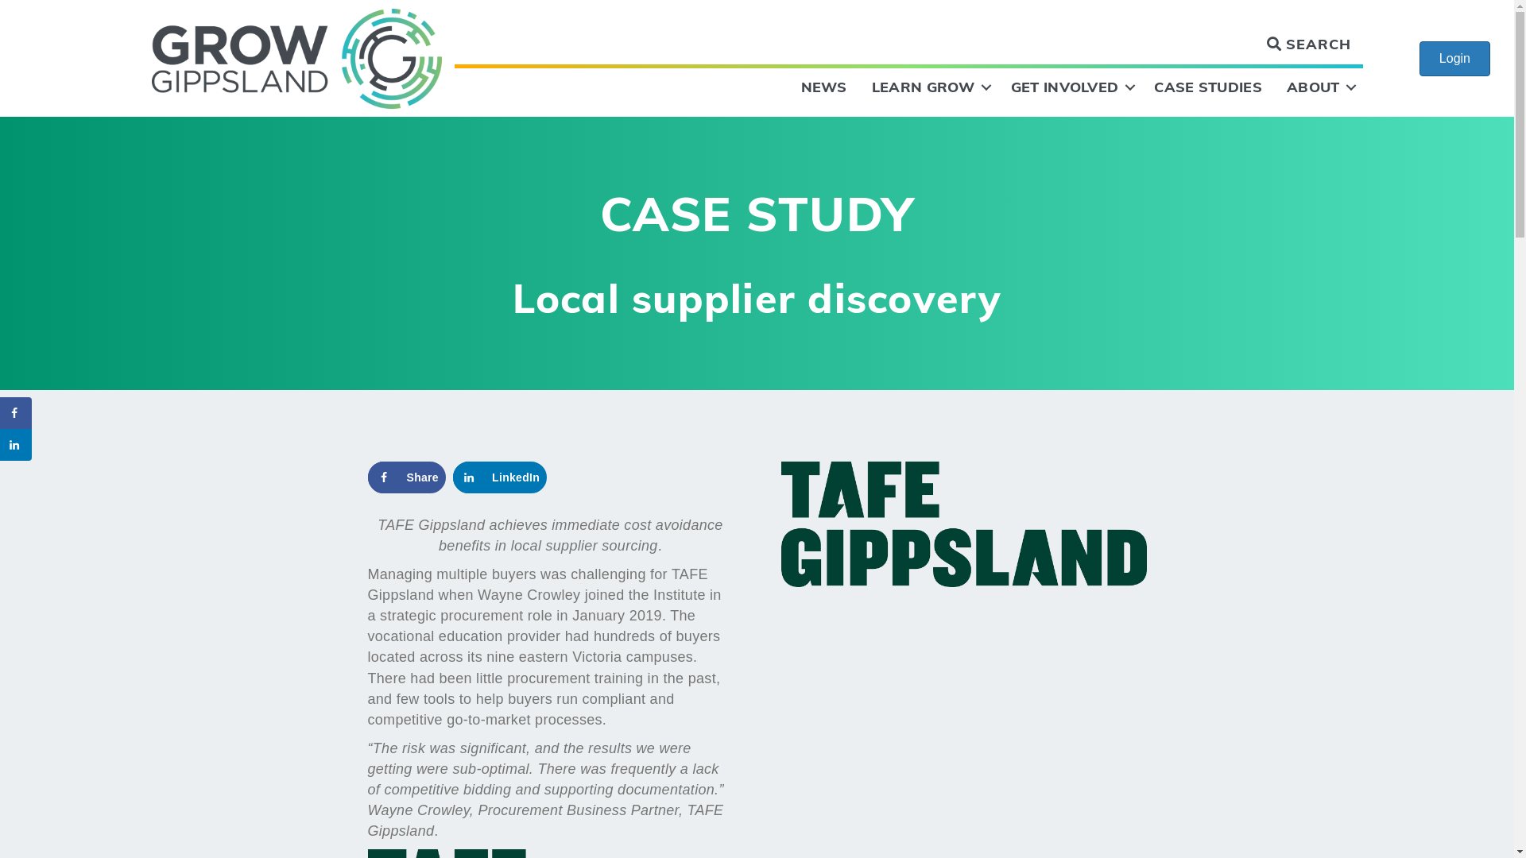  What do you see at coordinates (962, 524) in the screenshot?
I see `'TAFE-Gippsland-Logo'` at bounding box center [962, 524].